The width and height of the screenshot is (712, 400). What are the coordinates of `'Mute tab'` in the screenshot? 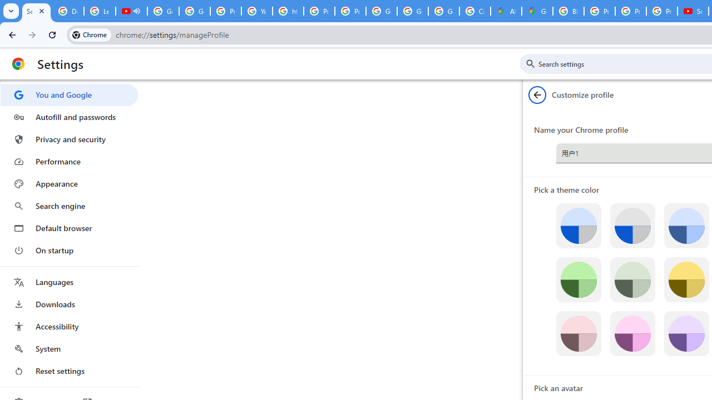 It's located at (136, 11).